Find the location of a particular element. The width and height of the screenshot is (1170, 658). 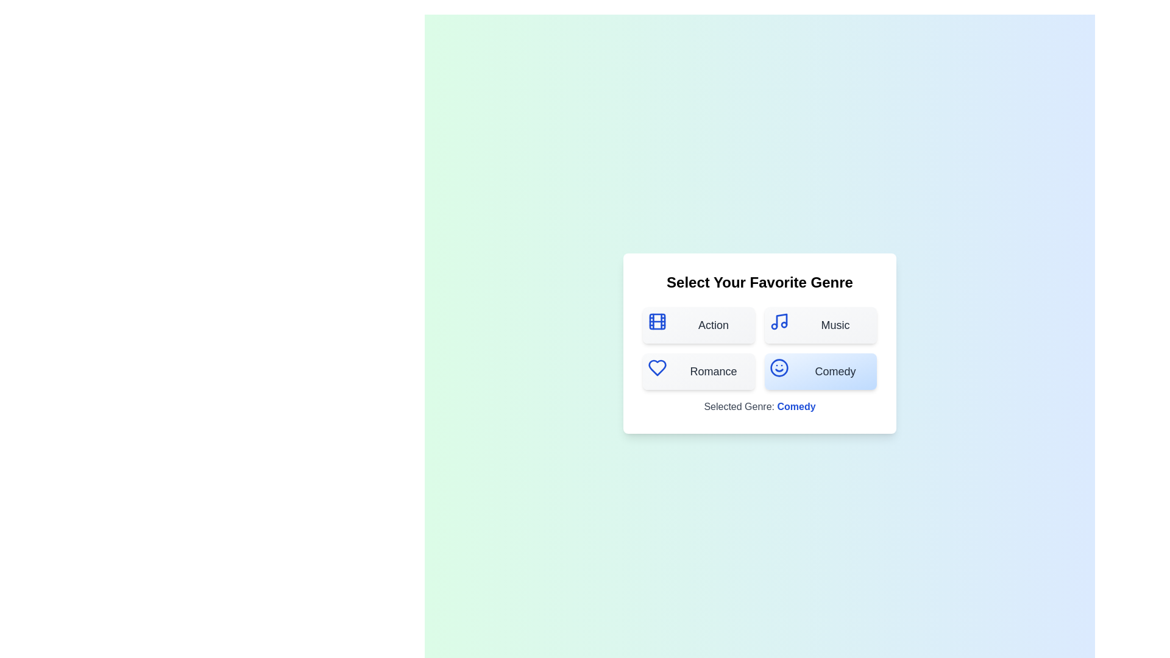

the text element displaying 'Select Your Favorite Genre', which is styled as a bold, large title at the top of the dialog box is located at coordinates (759, 282).